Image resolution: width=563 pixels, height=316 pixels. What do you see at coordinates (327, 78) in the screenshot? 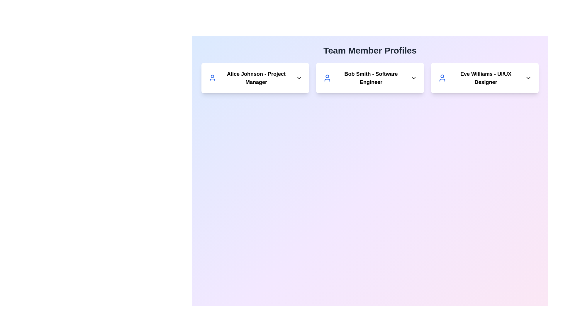
I see `the round user icon with a blue outline representing Bob Smith's profile, located at the top-left corner of the user section` at bounding box center [327, 78].